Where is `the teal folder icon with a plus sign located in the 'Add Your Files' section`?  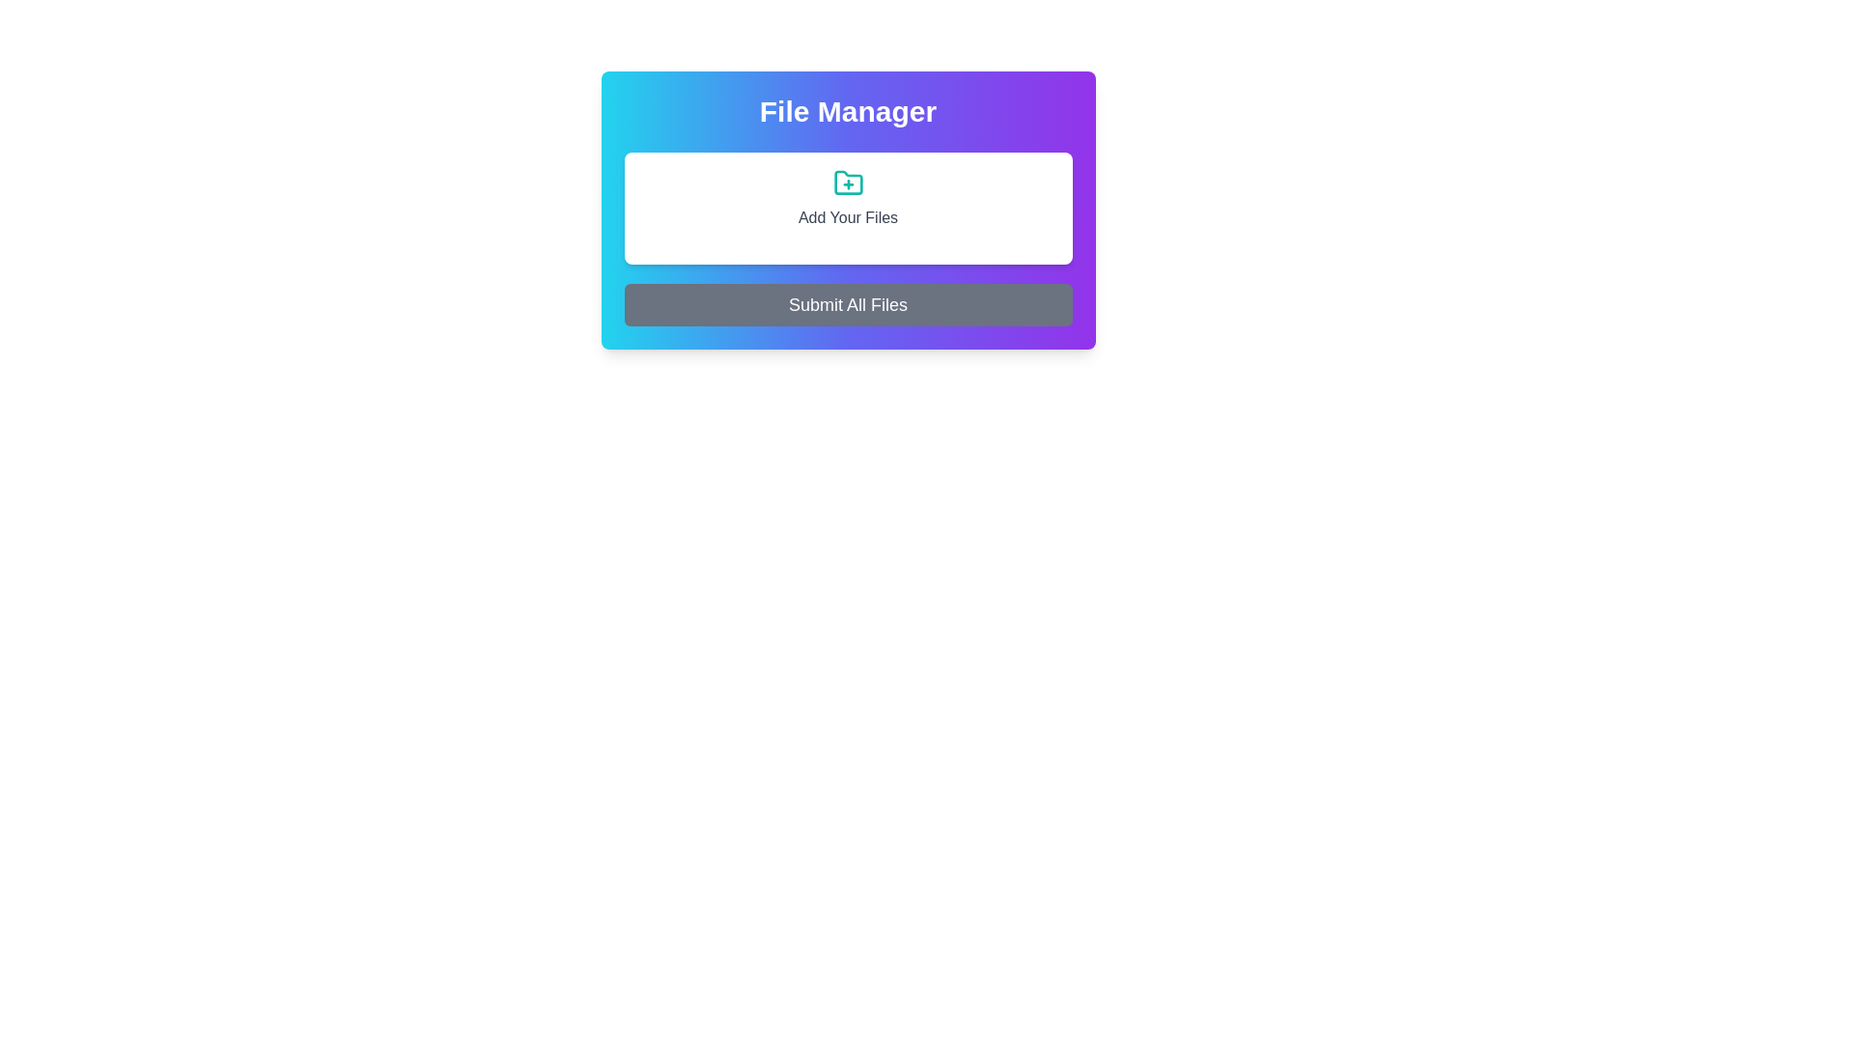 the teal folder icon with a plus sign located in the 'Add Your Files' section is located at coordinates (848, 183).